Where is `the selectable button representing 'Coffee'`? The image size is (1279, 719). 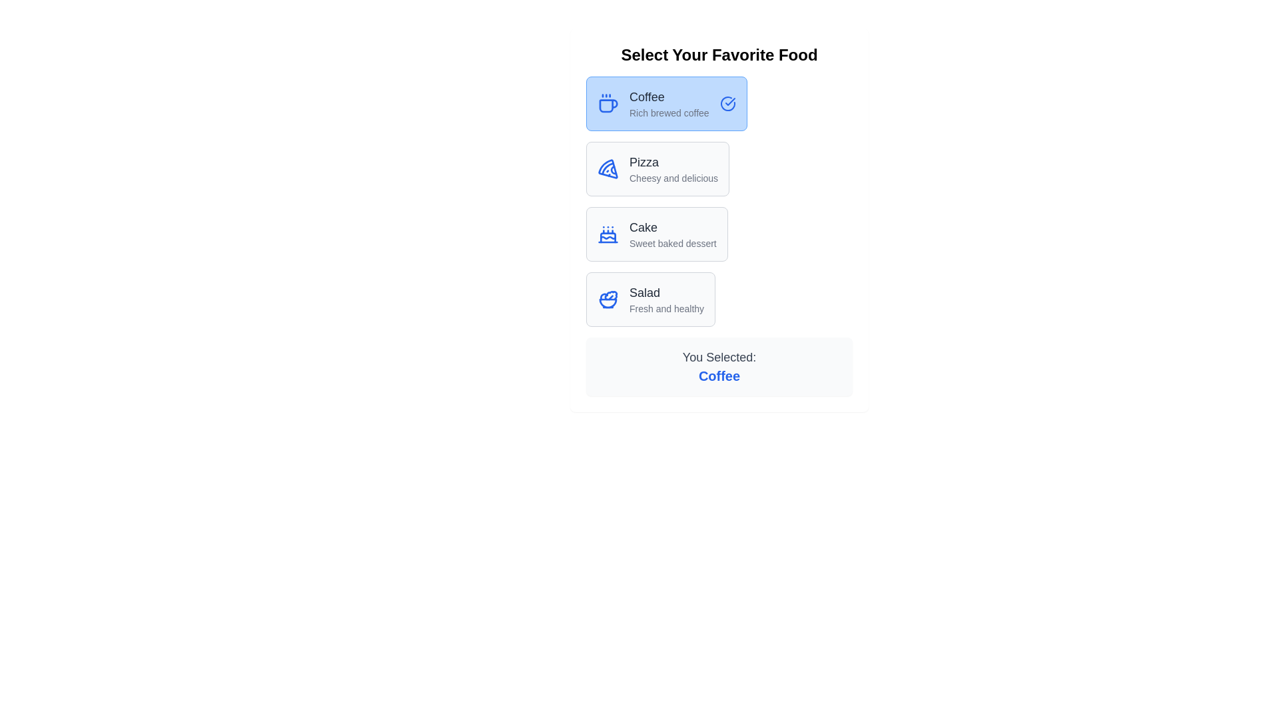 the selectable button representing 'Coffee' is located at coordinates (666, 103).